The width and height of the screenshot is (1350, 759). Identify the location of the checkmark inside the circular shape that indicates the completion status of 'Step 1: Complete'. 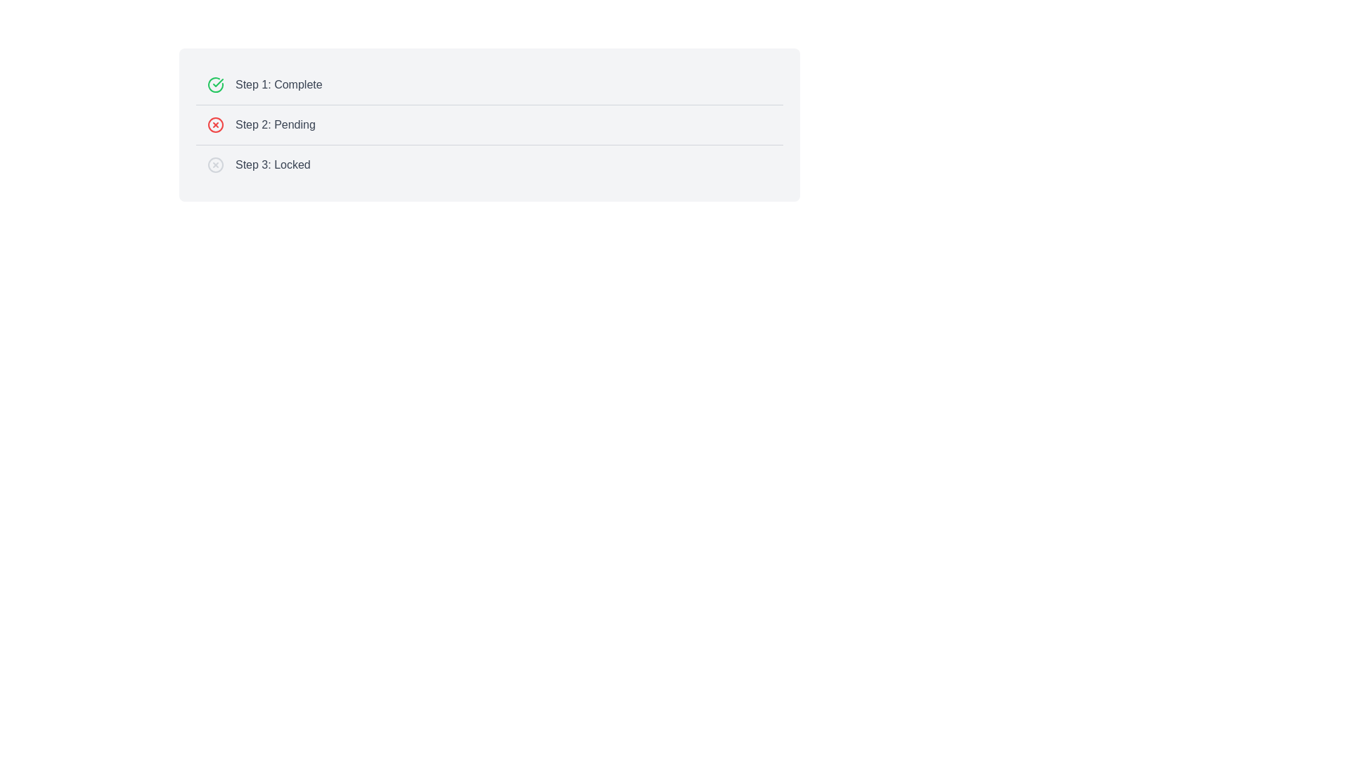
(217, 83).